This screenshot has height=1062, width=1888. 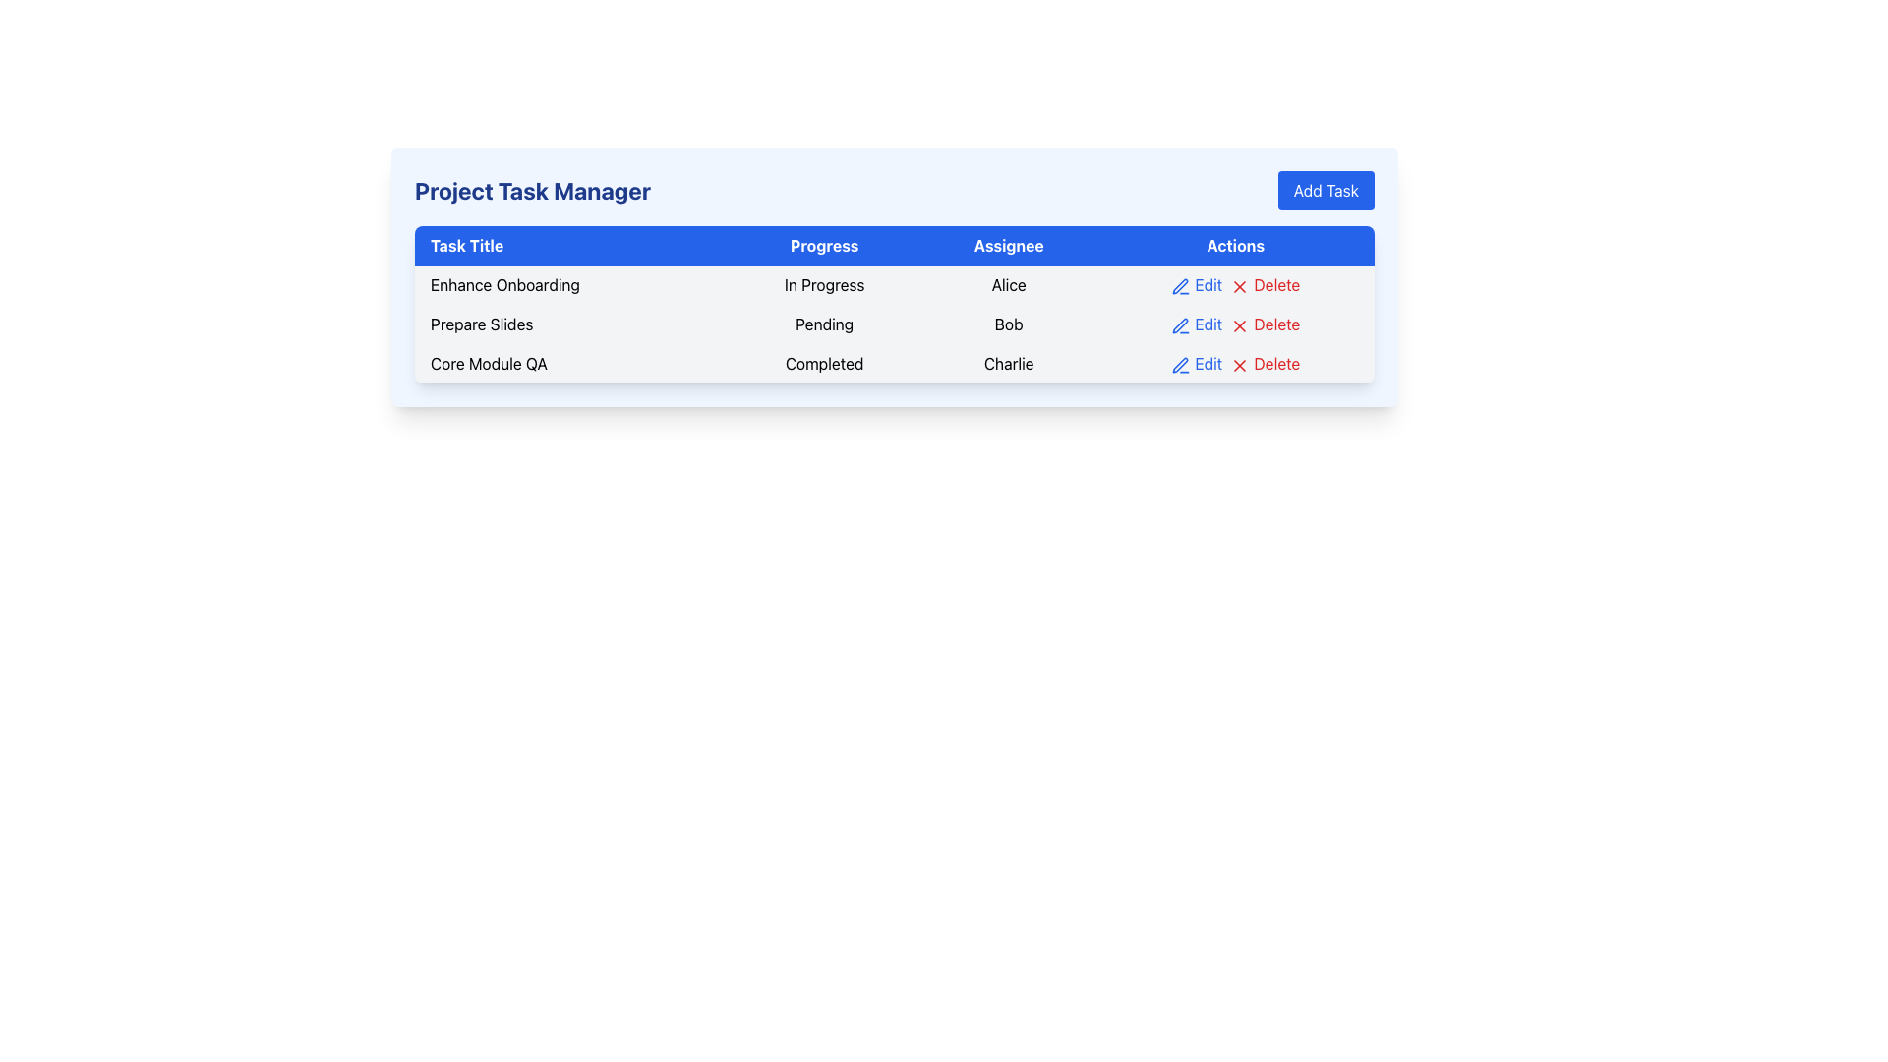 What do you see at coordinates (1265, 364) in the screenshot?
I see `the delete button located in the 'Actions' column of the last row of the table, positioned to the right of the 'Edit' button to invoke the delete functionality` at bounding box center [1265, 364].